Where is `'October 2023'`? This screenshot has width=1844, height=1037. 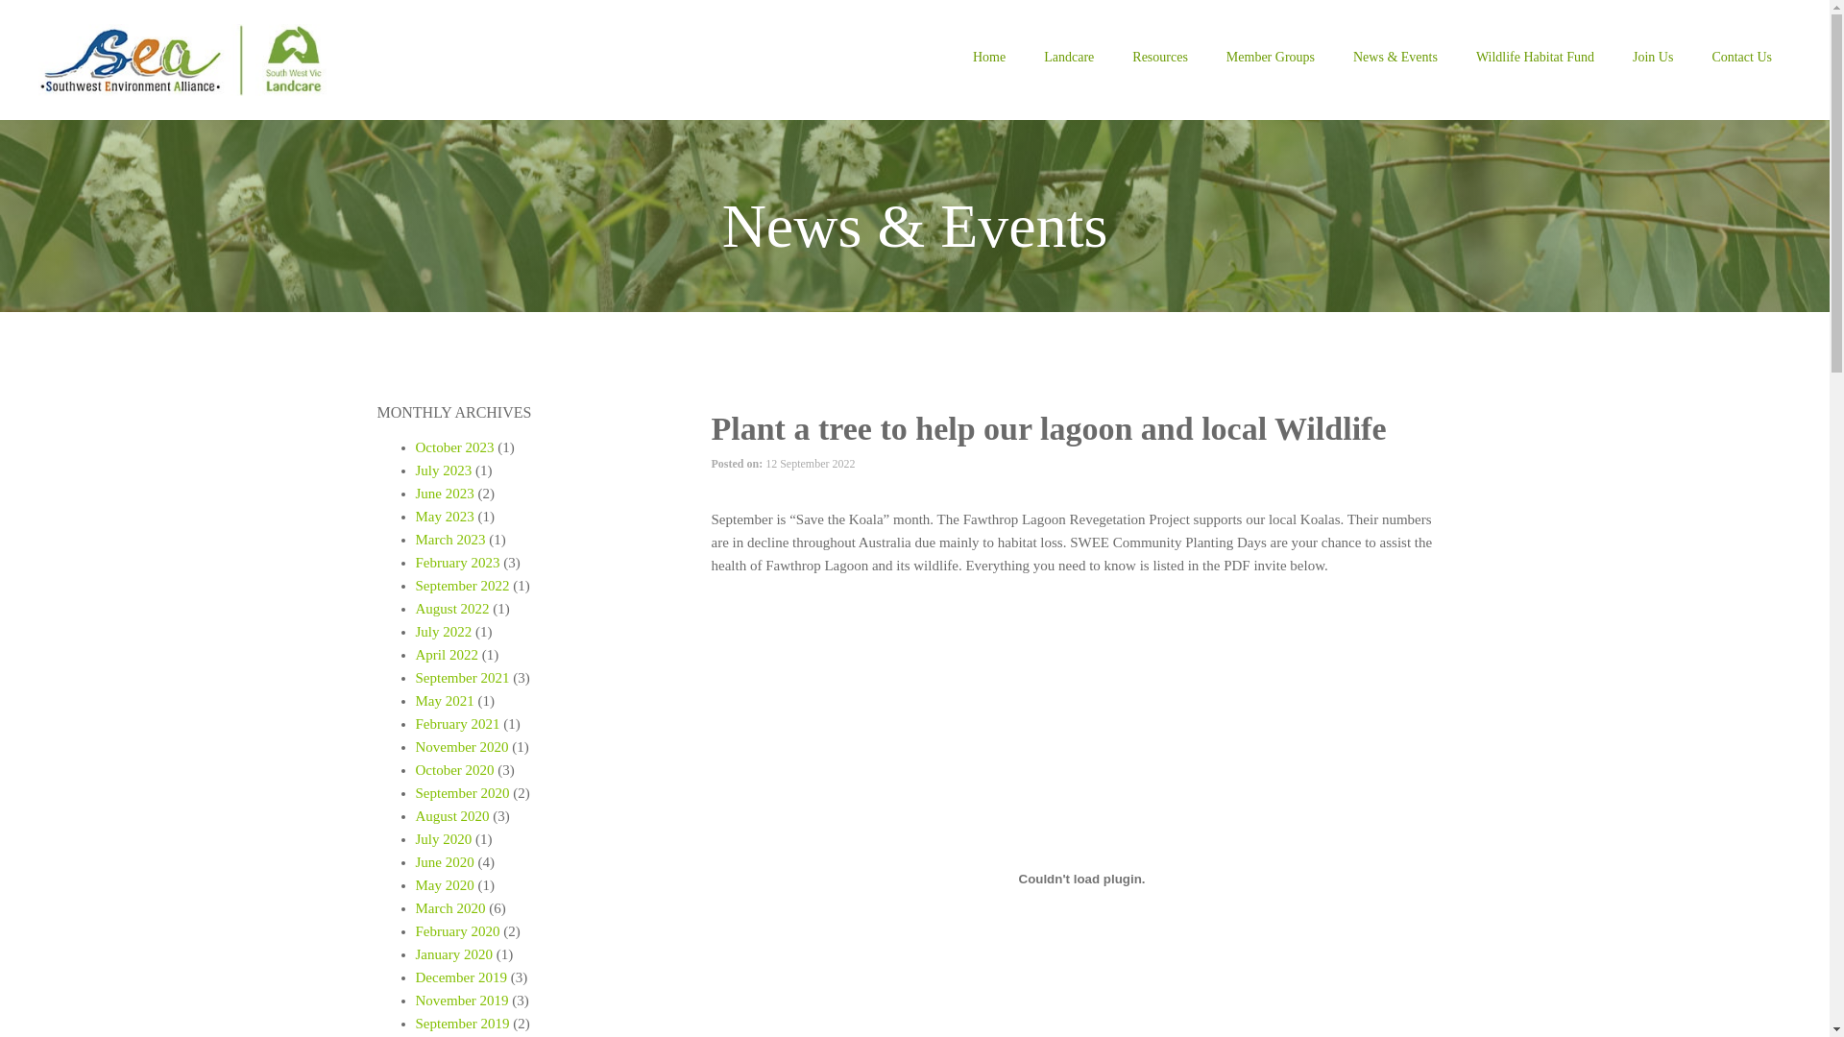
'October 2023' is located at coordinates (453, 447).